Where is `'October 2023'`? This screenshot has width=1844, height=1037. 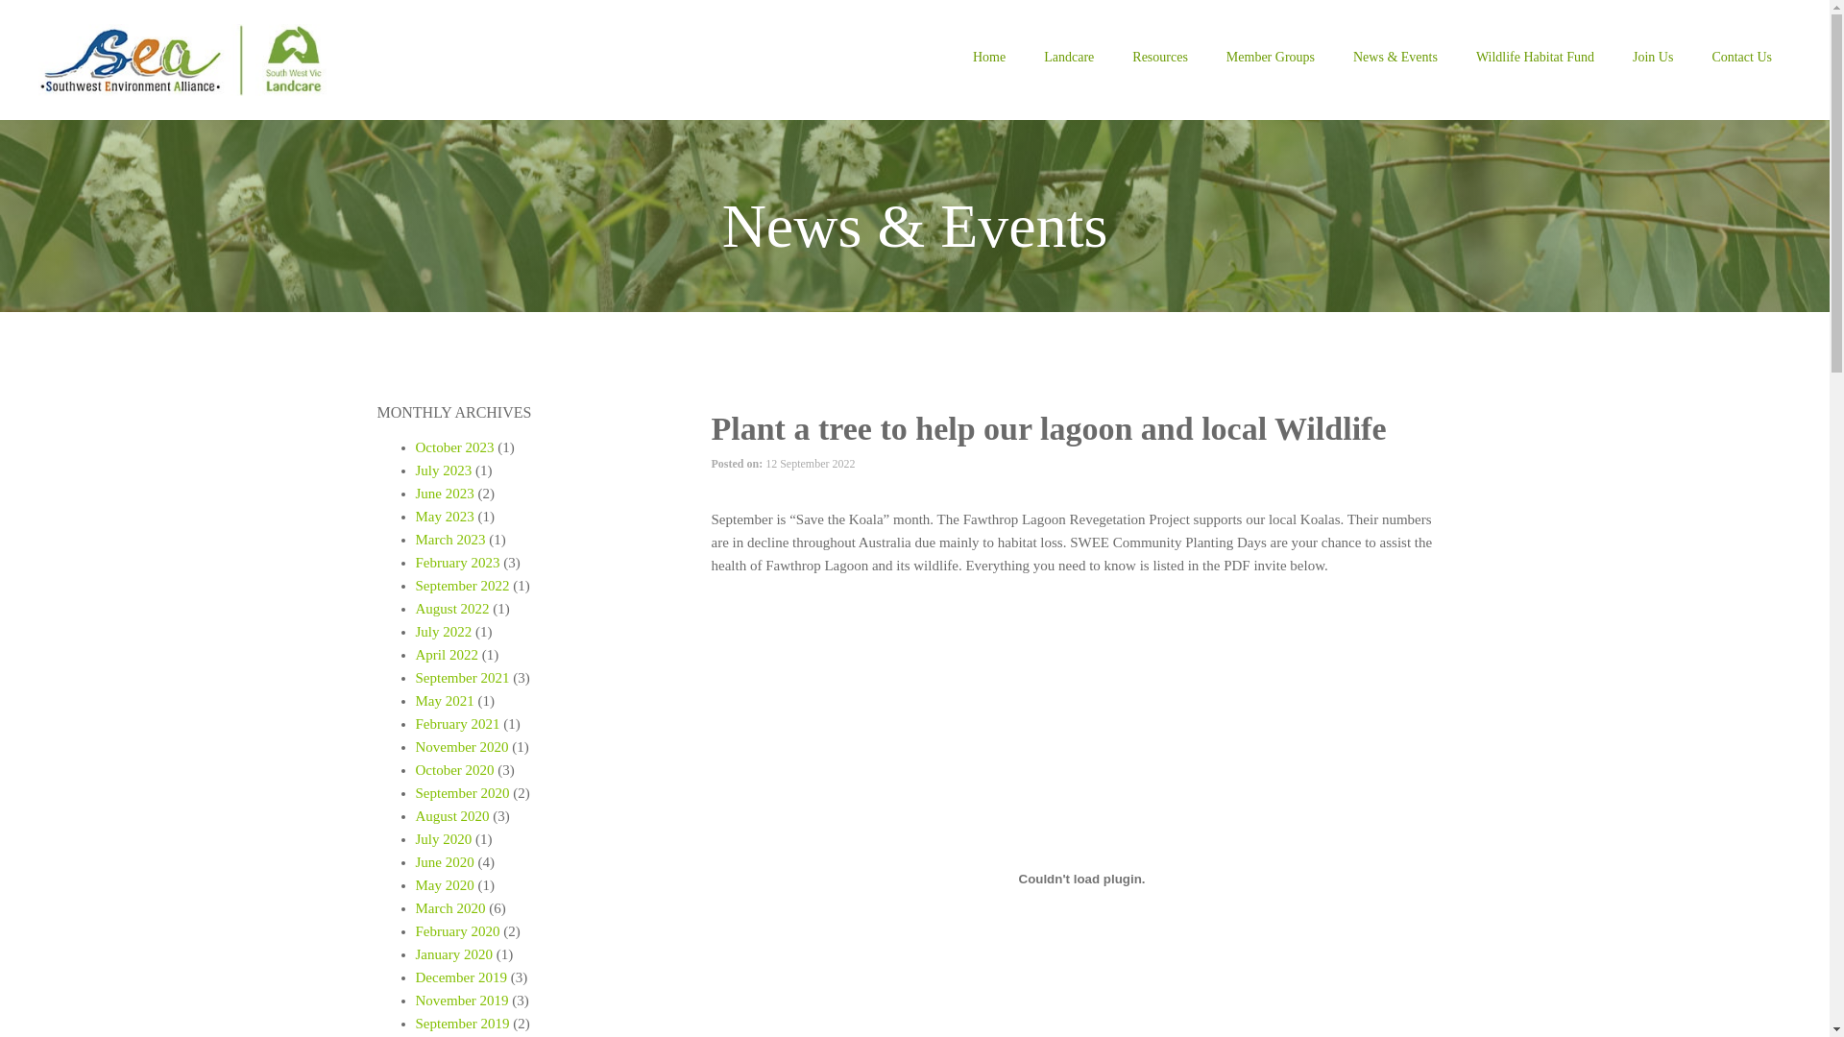
'October 2023' is located at coordinates (453, 447).